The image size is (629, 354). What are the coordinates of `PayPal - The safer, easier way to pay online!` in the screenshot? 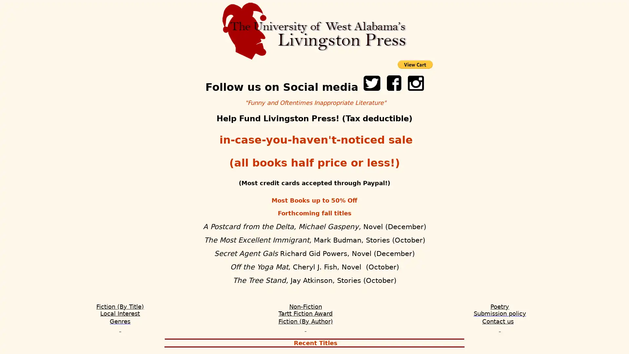 It's located at (414, 64).